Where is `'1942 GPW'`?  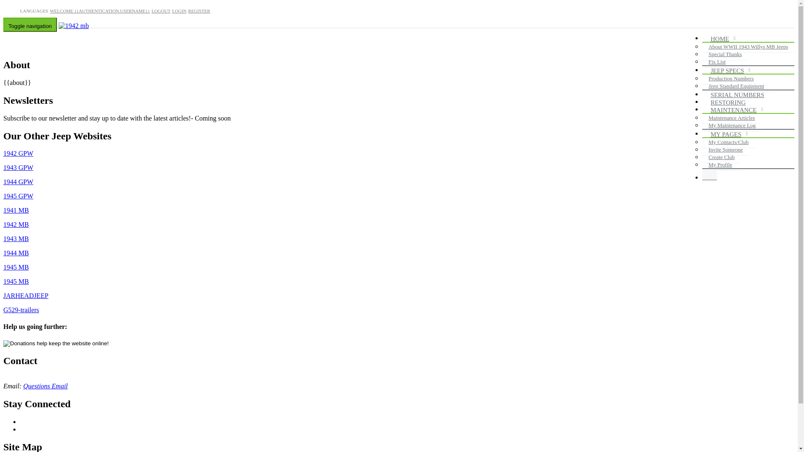
'1942 GPW' is located at coordinates (18, 153).